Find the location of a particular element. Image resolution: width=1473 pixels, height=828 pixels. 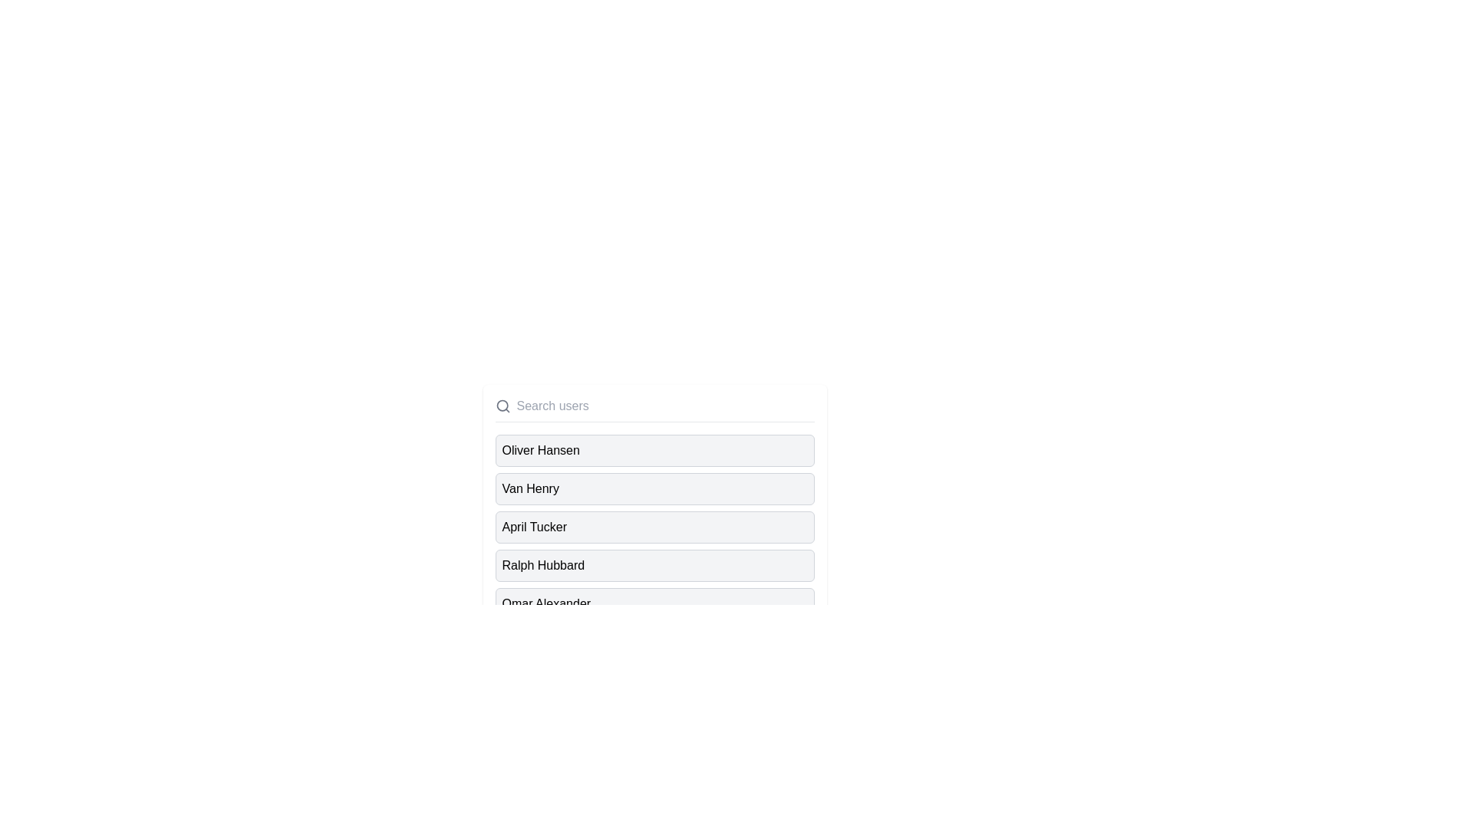

the text label displaying 'Ralph Hubbard' which is the fourth item in the vertical list beneath the search bar is located at coordinates (543, 565).